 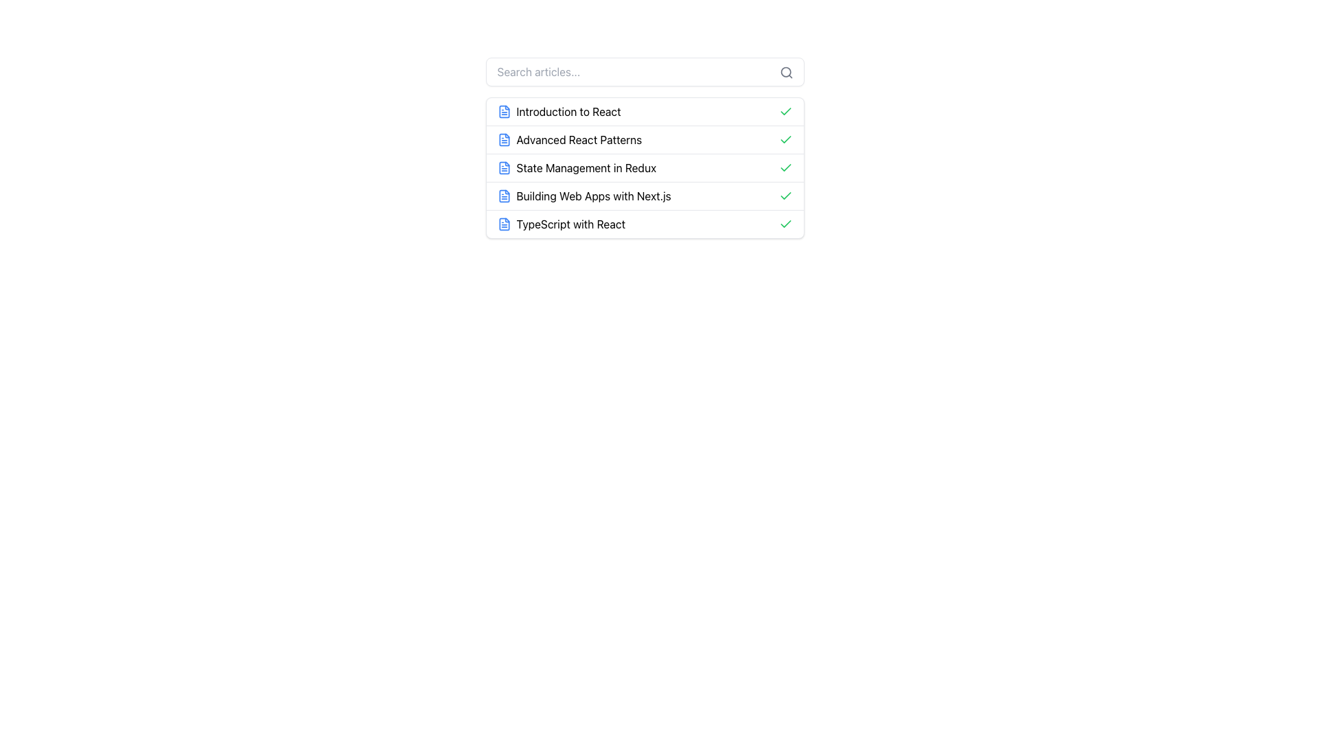 What do you see at coordinates (503, 140) in the screenshot?
I see `the icon representing 'Advanced React Patterns' located to the left of the text in the second item of the vertical list` at bounding box center [503, 140].